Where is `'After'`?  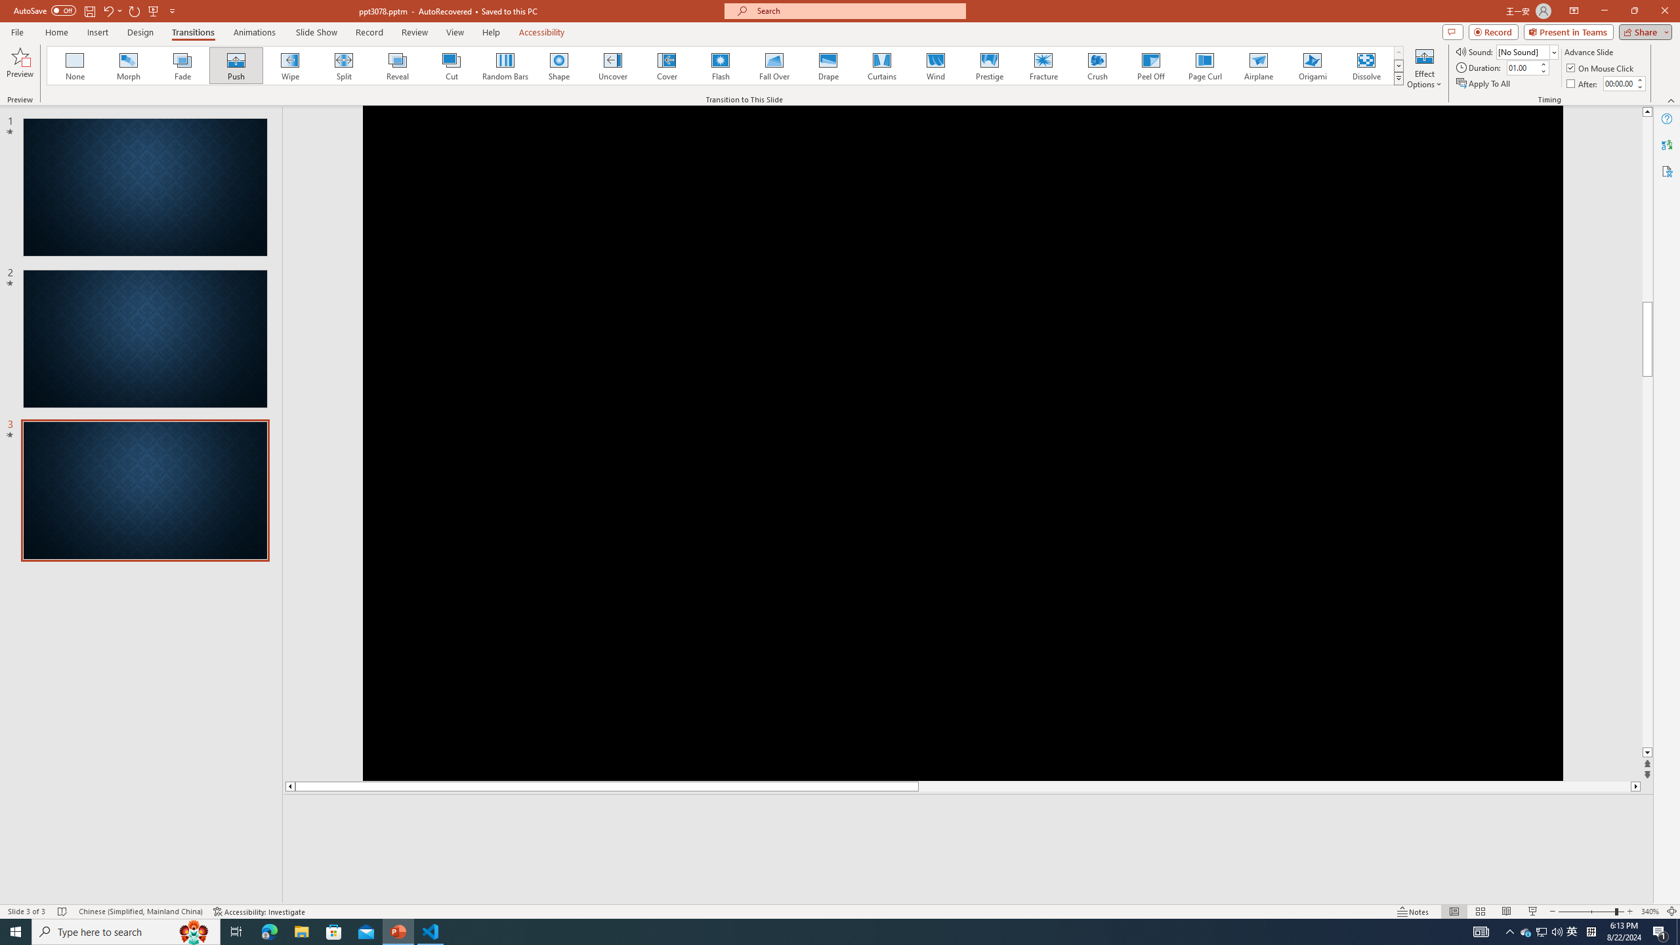 'After' is located at coordinates (1618, 83).